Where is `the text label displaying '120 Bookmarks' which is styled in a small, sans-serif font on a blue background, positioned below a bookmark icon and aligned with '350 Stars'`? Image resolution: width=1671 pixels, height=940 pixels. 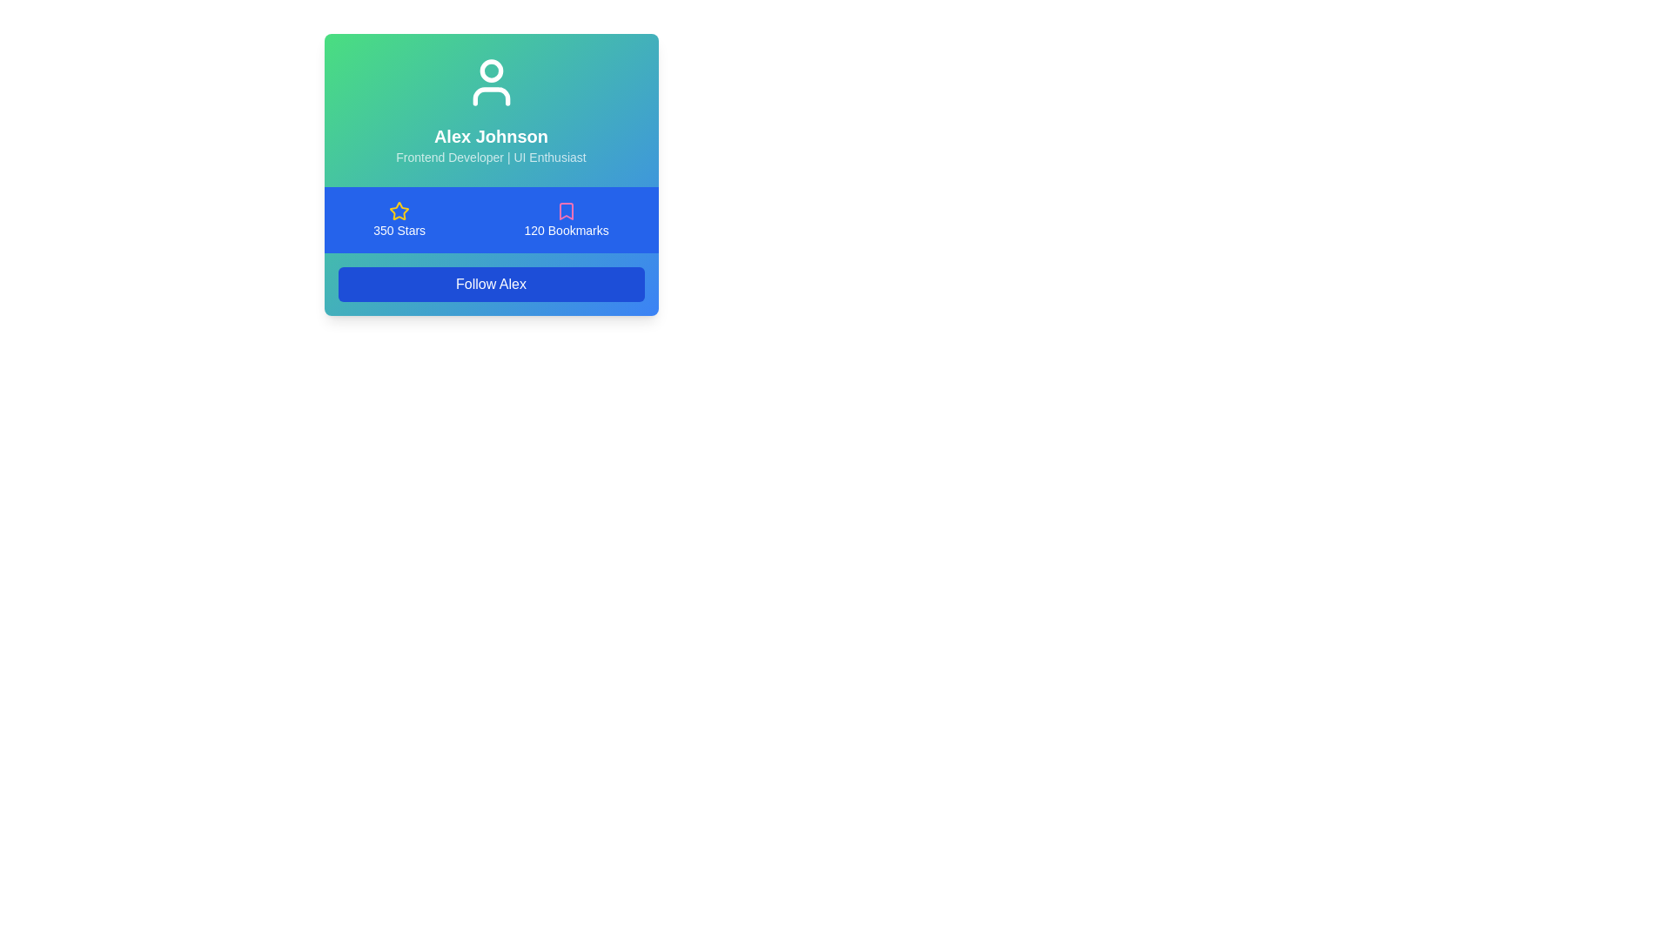 the text label displaying '120 Bookmarks' which is styled in a small, sans-serif font on a blue background, positioned below a bookmark icon and aligned with '350 Stars' is located at coordinates (567, 230).